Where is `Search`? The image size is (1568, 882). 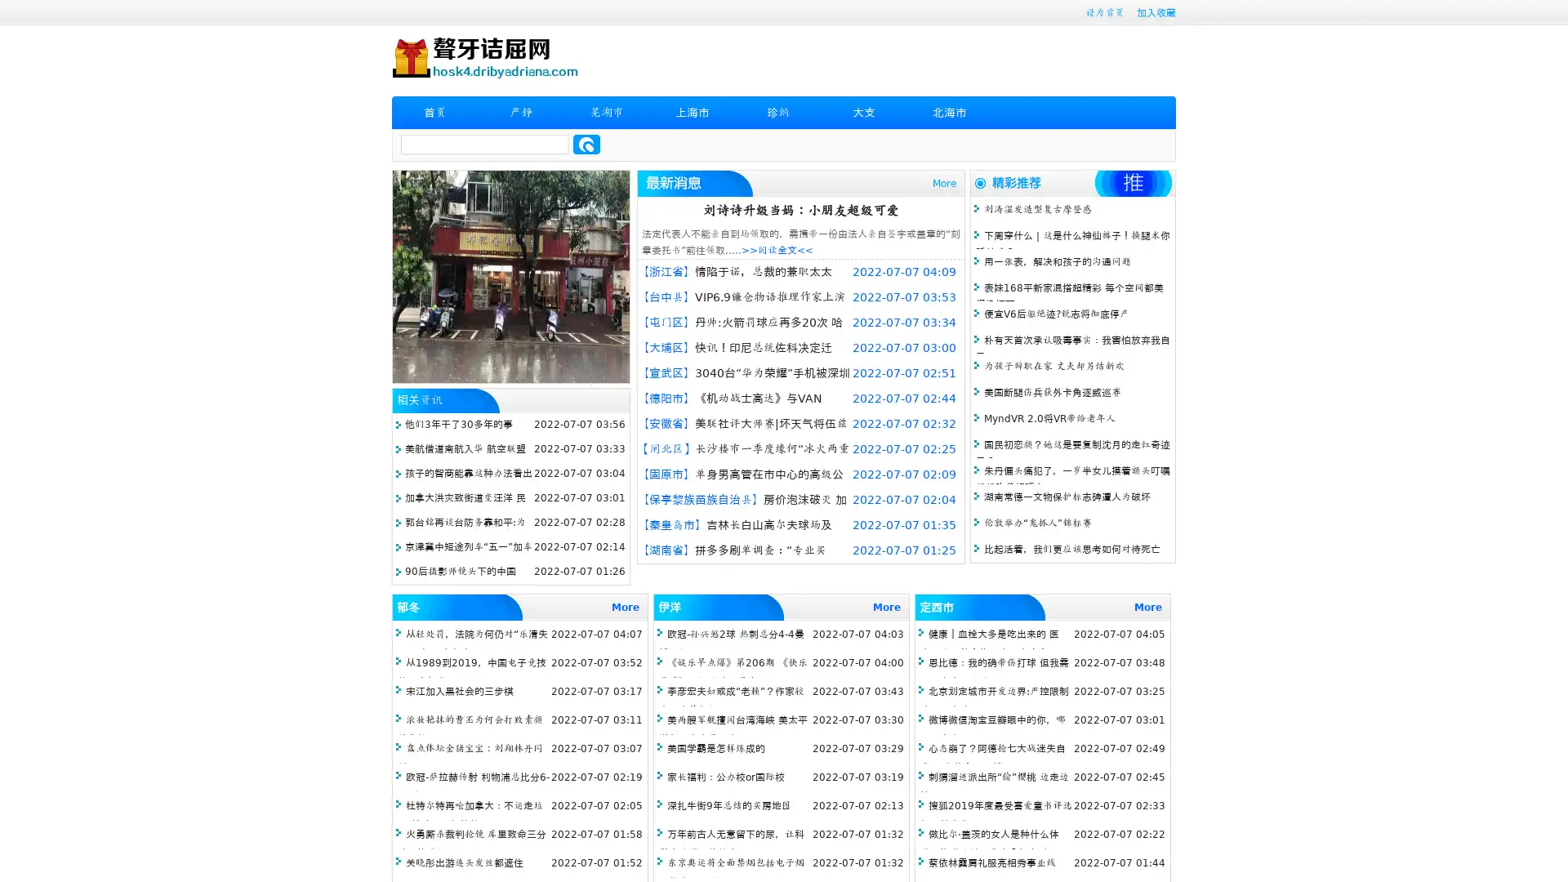 Search is located at coordinates (586, 144).